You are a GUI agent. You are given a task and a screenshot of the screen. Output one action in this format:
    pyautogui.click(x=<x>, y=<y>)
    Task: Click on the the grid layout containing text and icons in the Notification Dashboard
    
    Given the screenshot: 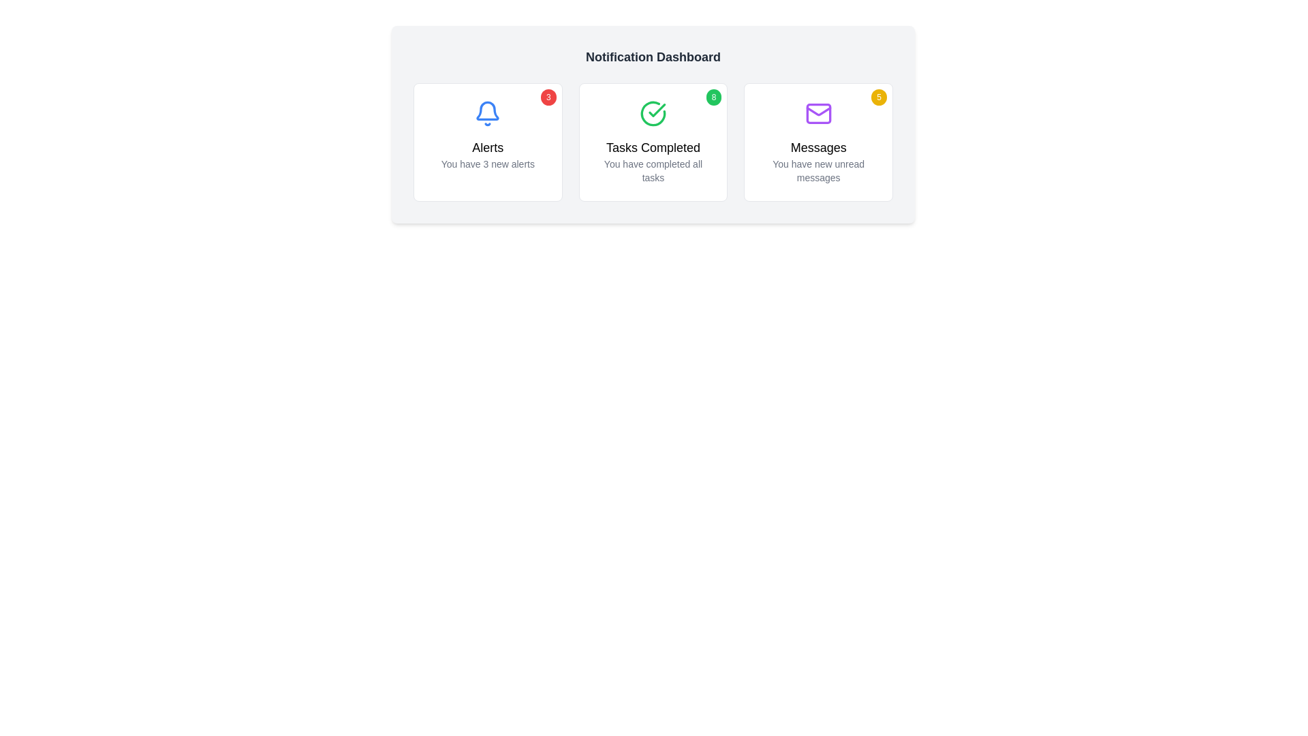 What is the action you would take?
    pyautogui.click(x=653, y=142)
    